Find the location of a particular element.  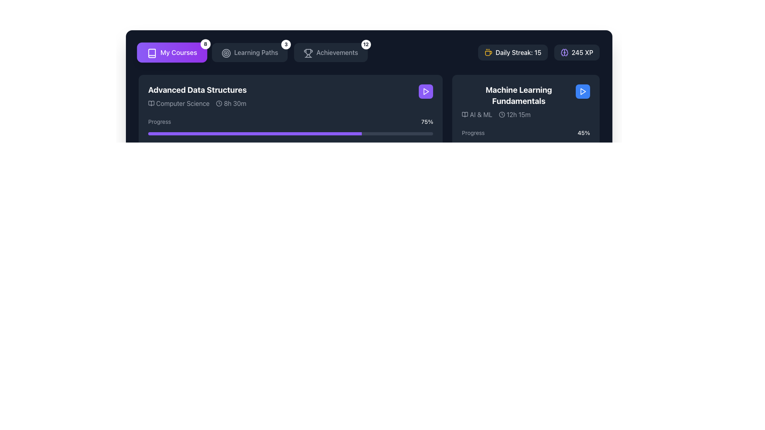

the decorative SVG circle element that represents the 'Learning Paths' feature, which is the middle component of three concentric circles in the top menu bar is located at coordinates (226, 53).